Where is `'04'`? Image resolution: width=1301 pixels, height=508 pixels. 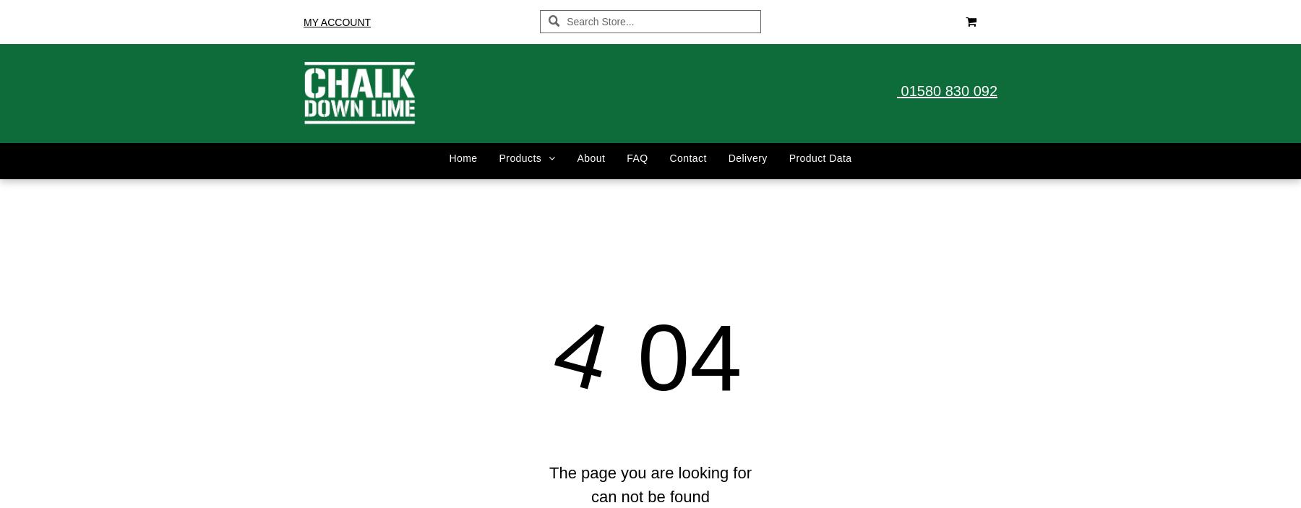
'04' is located at coordinates (675, 356).